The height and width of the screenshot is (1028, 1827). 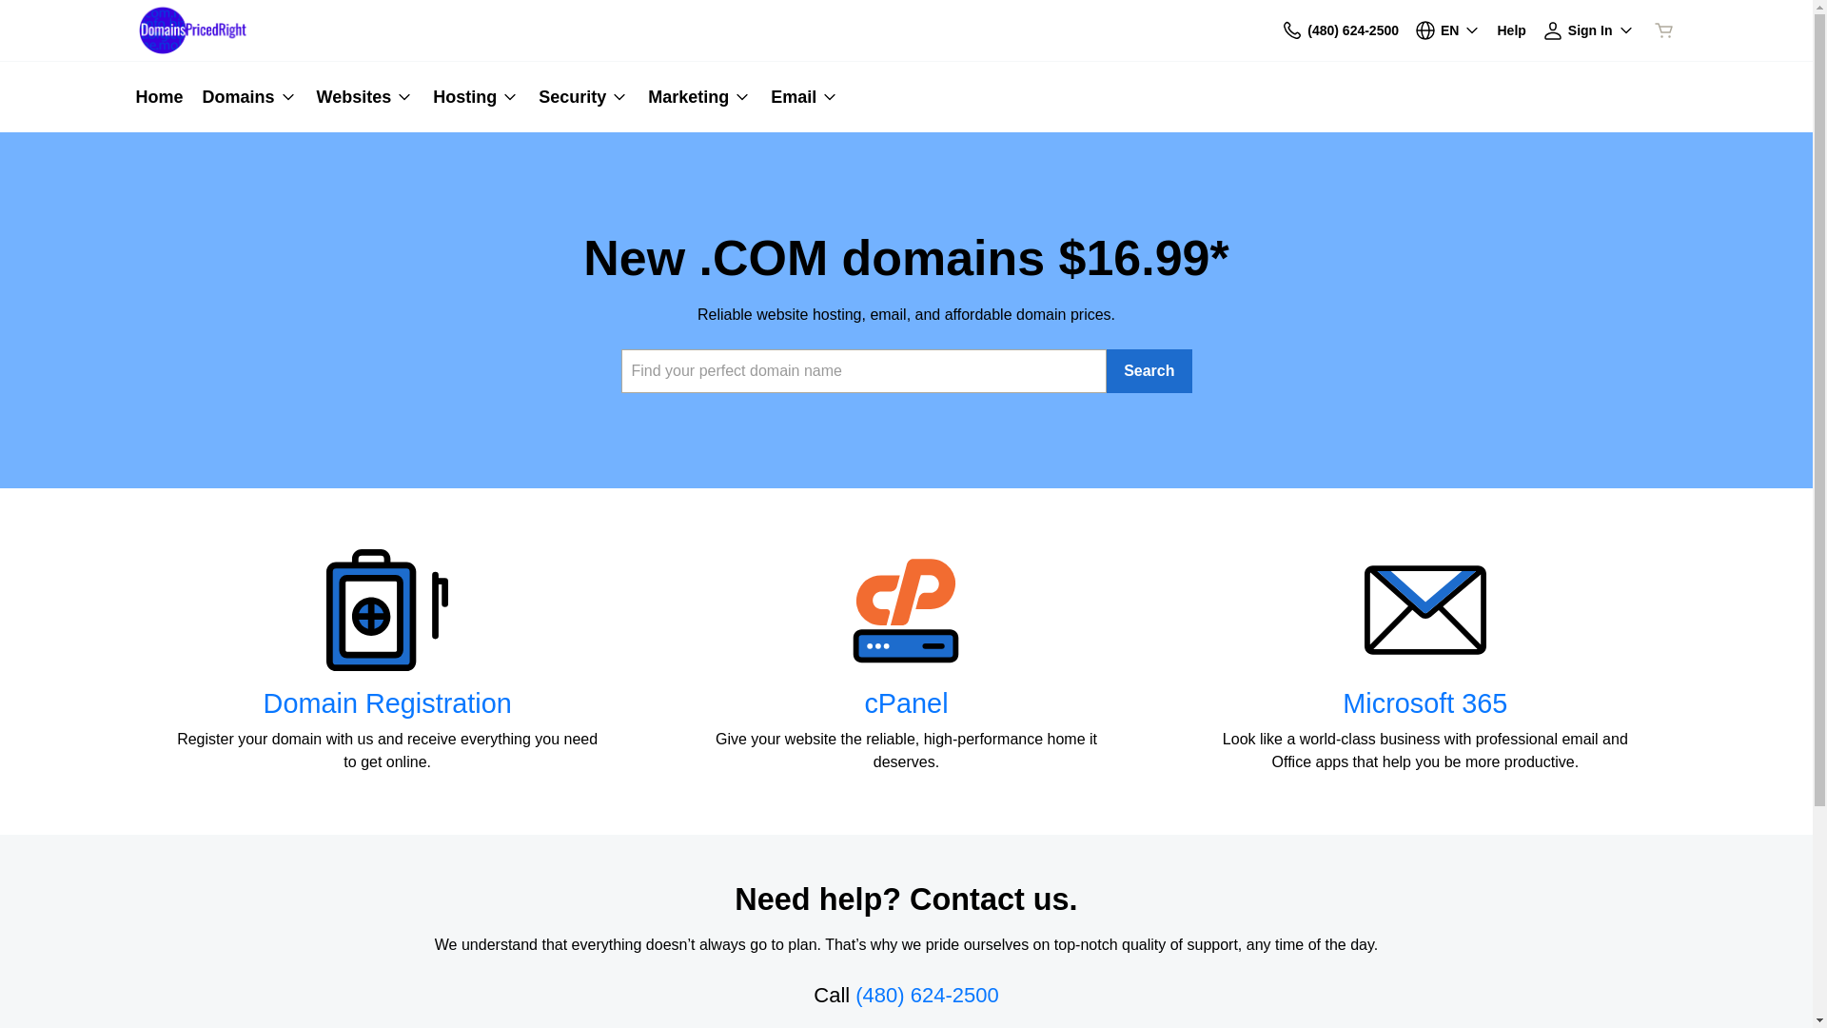 What do you see at coordinates (698, 96) in the screenshot?
I see `'Marketing'` at bounding box center [698, 96].